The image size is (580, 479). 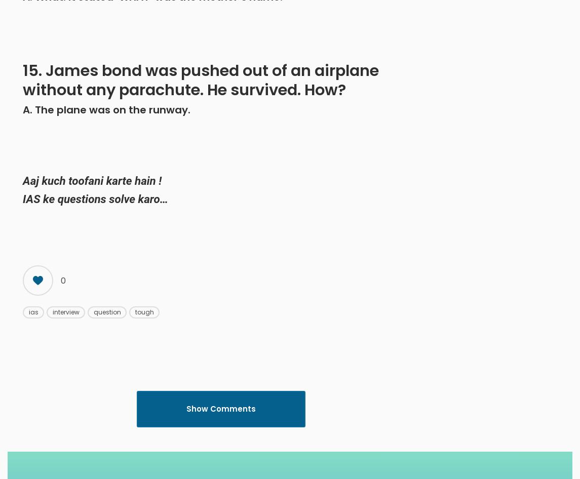 I want to click on 'IAS ke questions solve karo…', so click(x=95, y=198).